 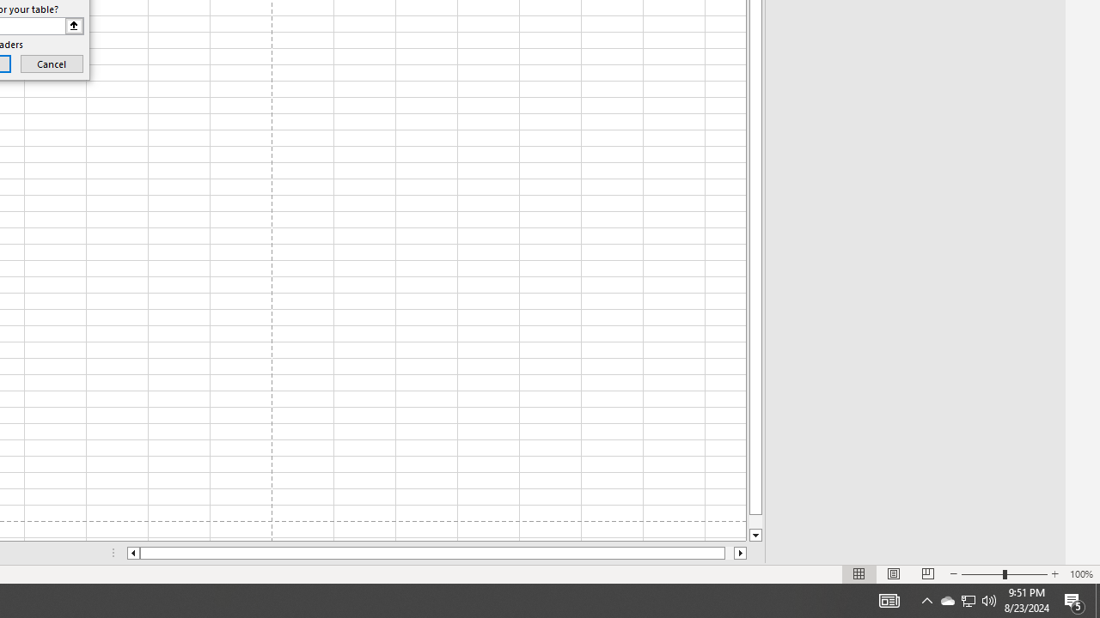 I want to click on 'Page Break Preview', so click(x=926, y=574).